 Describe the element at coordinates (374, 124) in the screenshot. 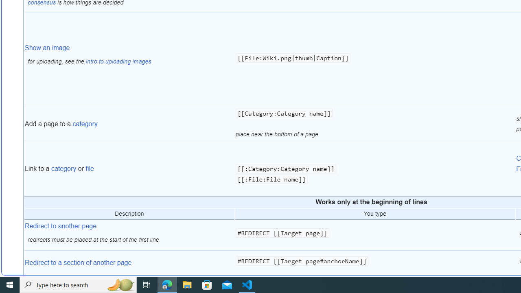

I see `'[[Category:Category name]] place near the bottom of a page'` at that location.